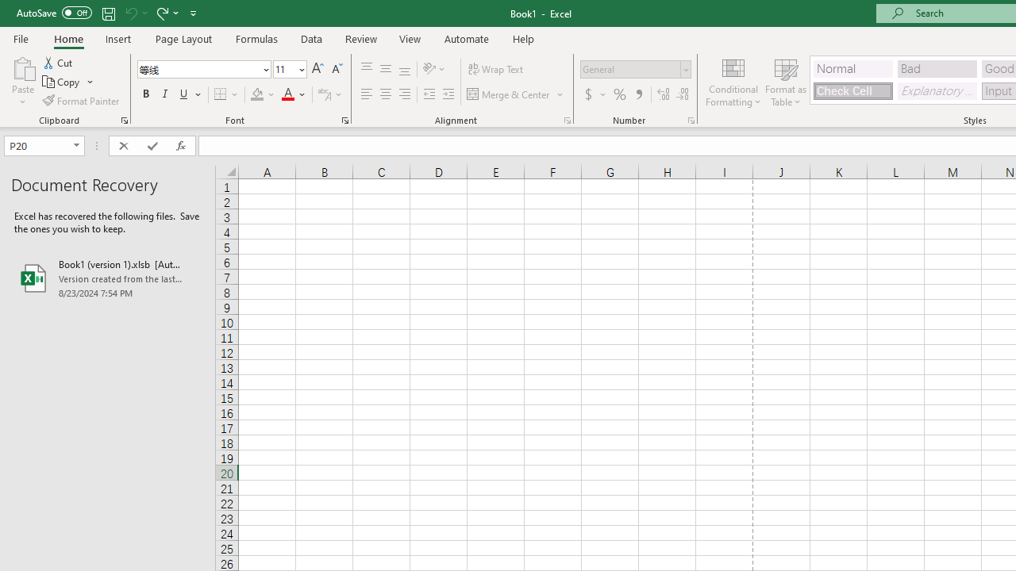 This screenshot has height=571, width=1016. Describe the element at coordinates (587, 94) in the screenshot. I see `'Accounting Number Format'` at that location.